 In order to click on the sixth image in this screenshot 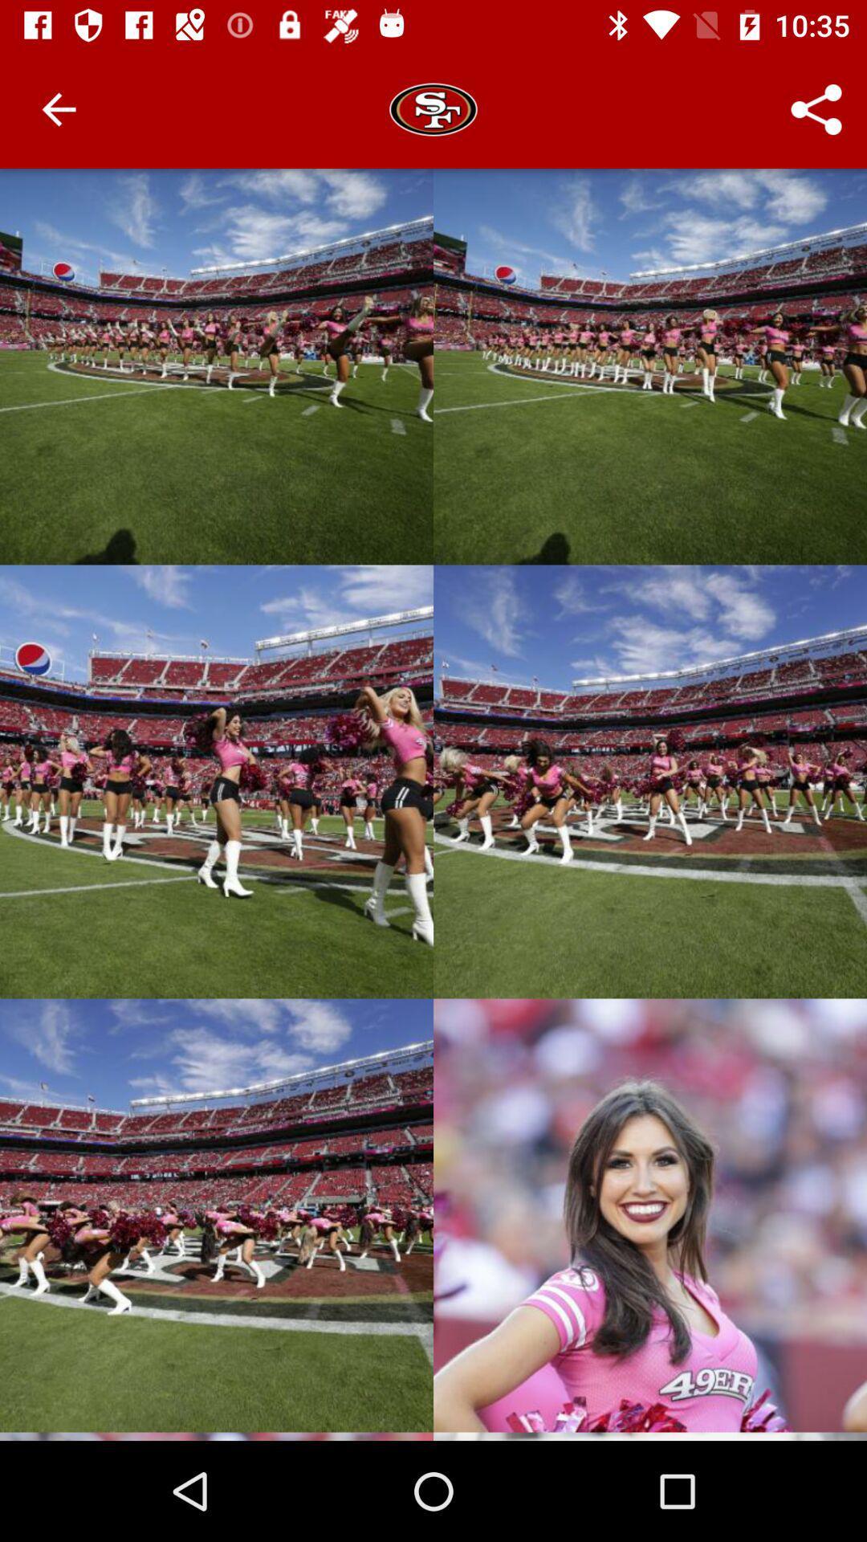, I will do `click(650, 1215)`.